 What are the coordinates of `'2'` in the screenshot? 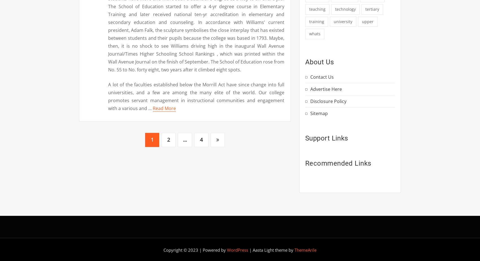 It's located at (168, 139).